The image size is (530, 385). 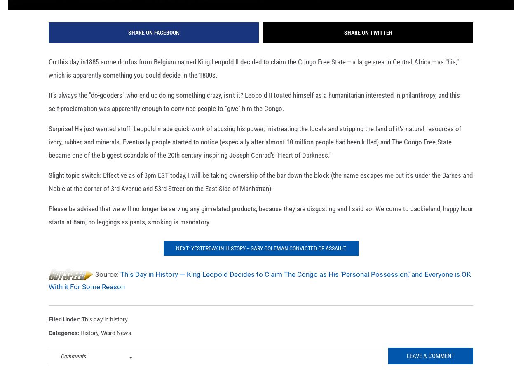 What do you see at coordinates (73, 369) in the screenshot?
I see `'Comments'` at bounding box center [73, 369].